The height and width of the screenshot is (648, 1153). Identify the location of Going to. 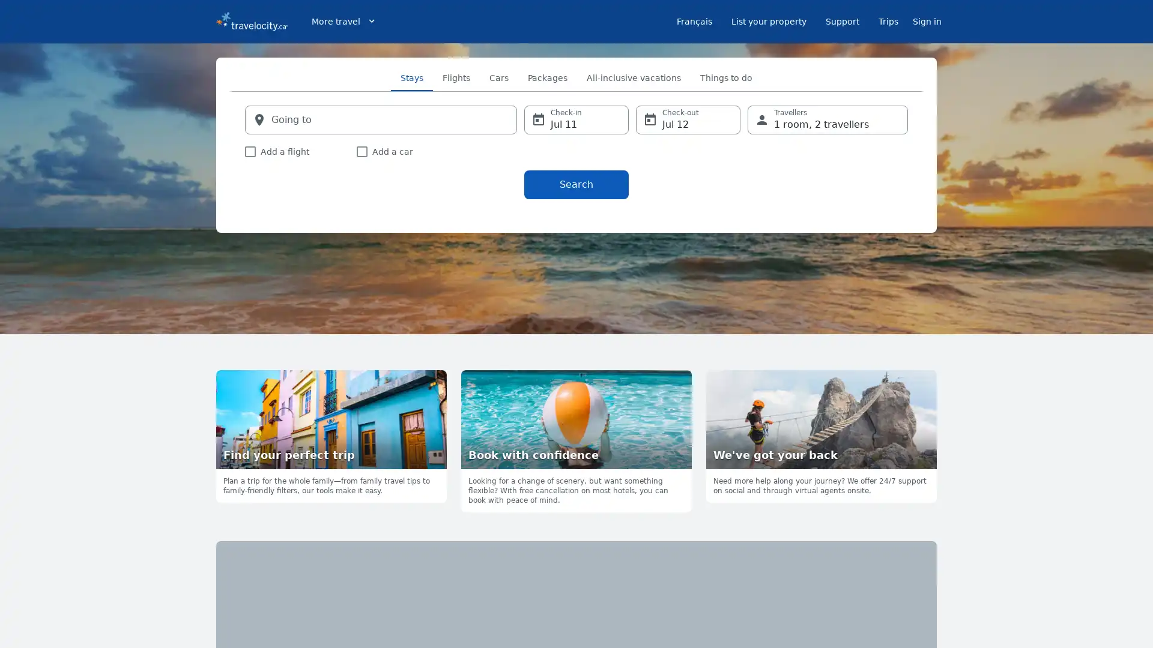
(380, 120).